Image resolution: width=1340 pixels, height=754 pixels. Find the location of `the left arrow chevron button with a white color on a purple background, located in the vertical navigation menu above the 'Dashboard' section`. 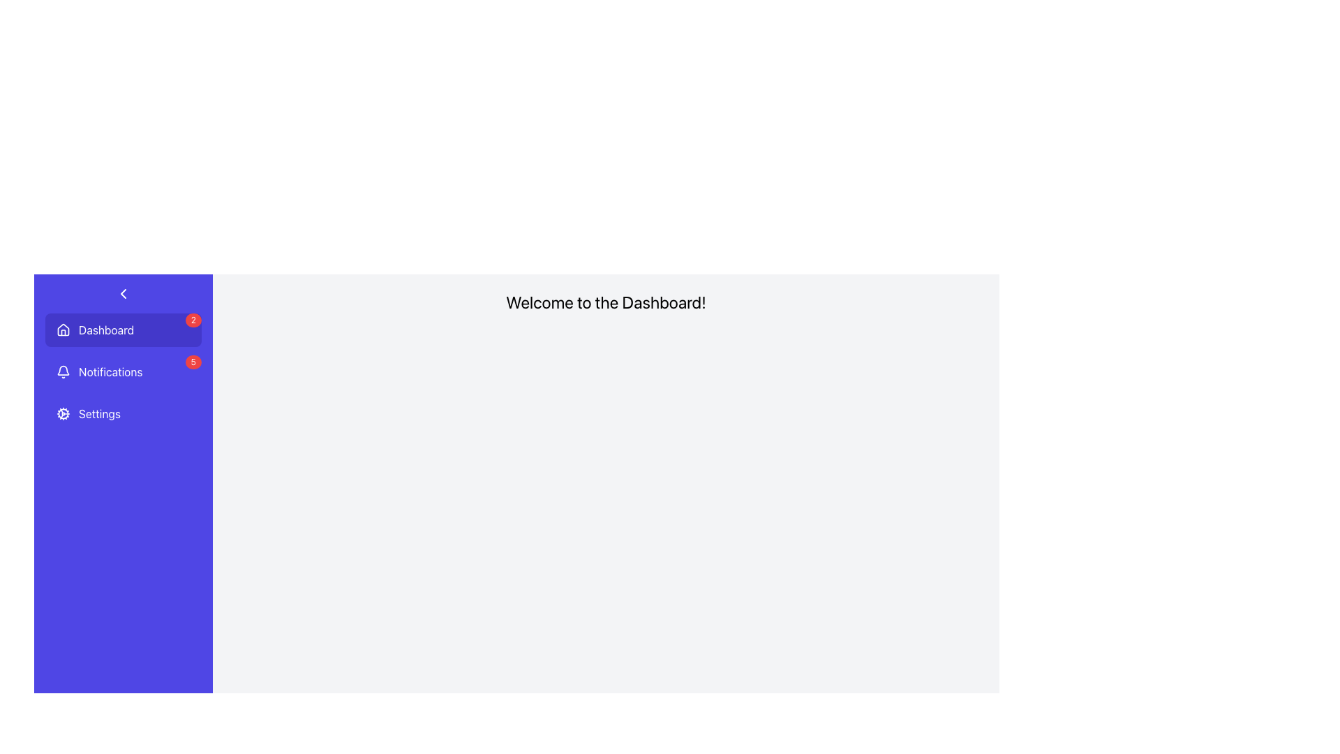

the left arrow chevron button with a white color on a purple background, located in the vertical navigation menu above the 'Dashboard' section is located at coordinates (124, 293).